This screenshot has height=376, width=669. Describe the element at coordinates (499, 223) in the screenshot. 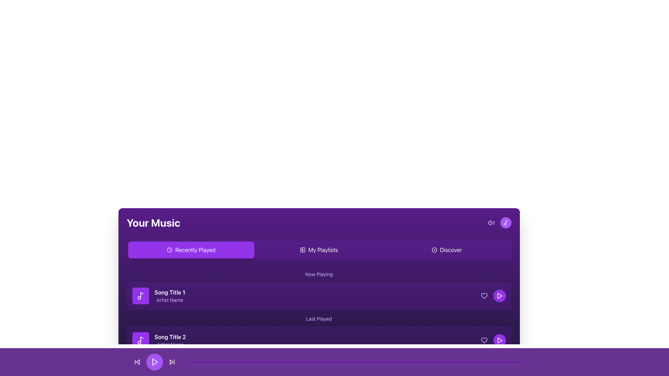

I see `the circular purple button with a white musical note icon located at the top-right corner of the 'Your Music' section` at that location.